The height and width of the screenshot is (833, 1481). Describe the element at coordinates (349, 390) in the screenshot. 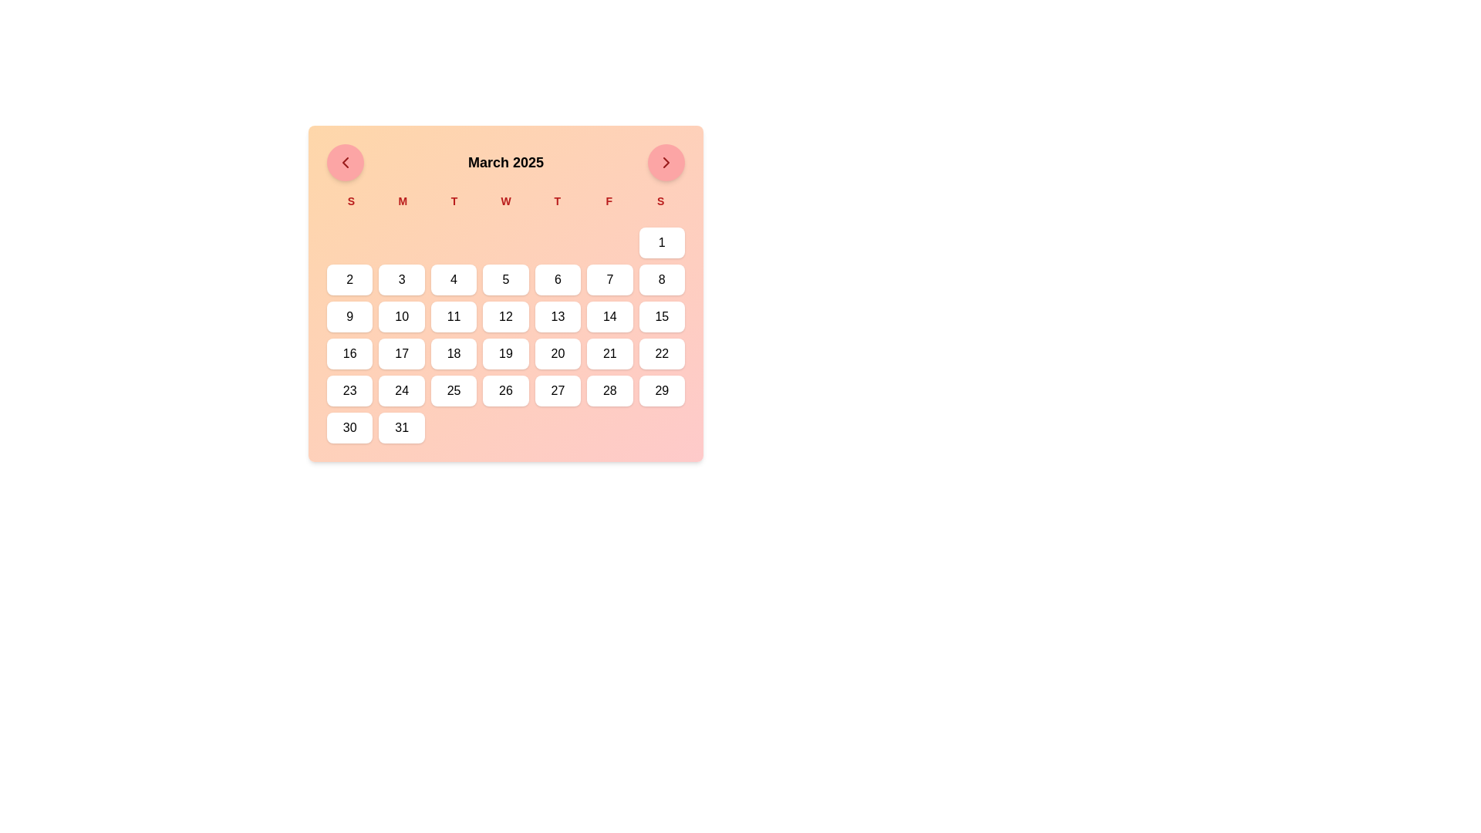

I see `the button representing the 23rd day in the calendar view located in the fifth row and first column of the grid` at that location.